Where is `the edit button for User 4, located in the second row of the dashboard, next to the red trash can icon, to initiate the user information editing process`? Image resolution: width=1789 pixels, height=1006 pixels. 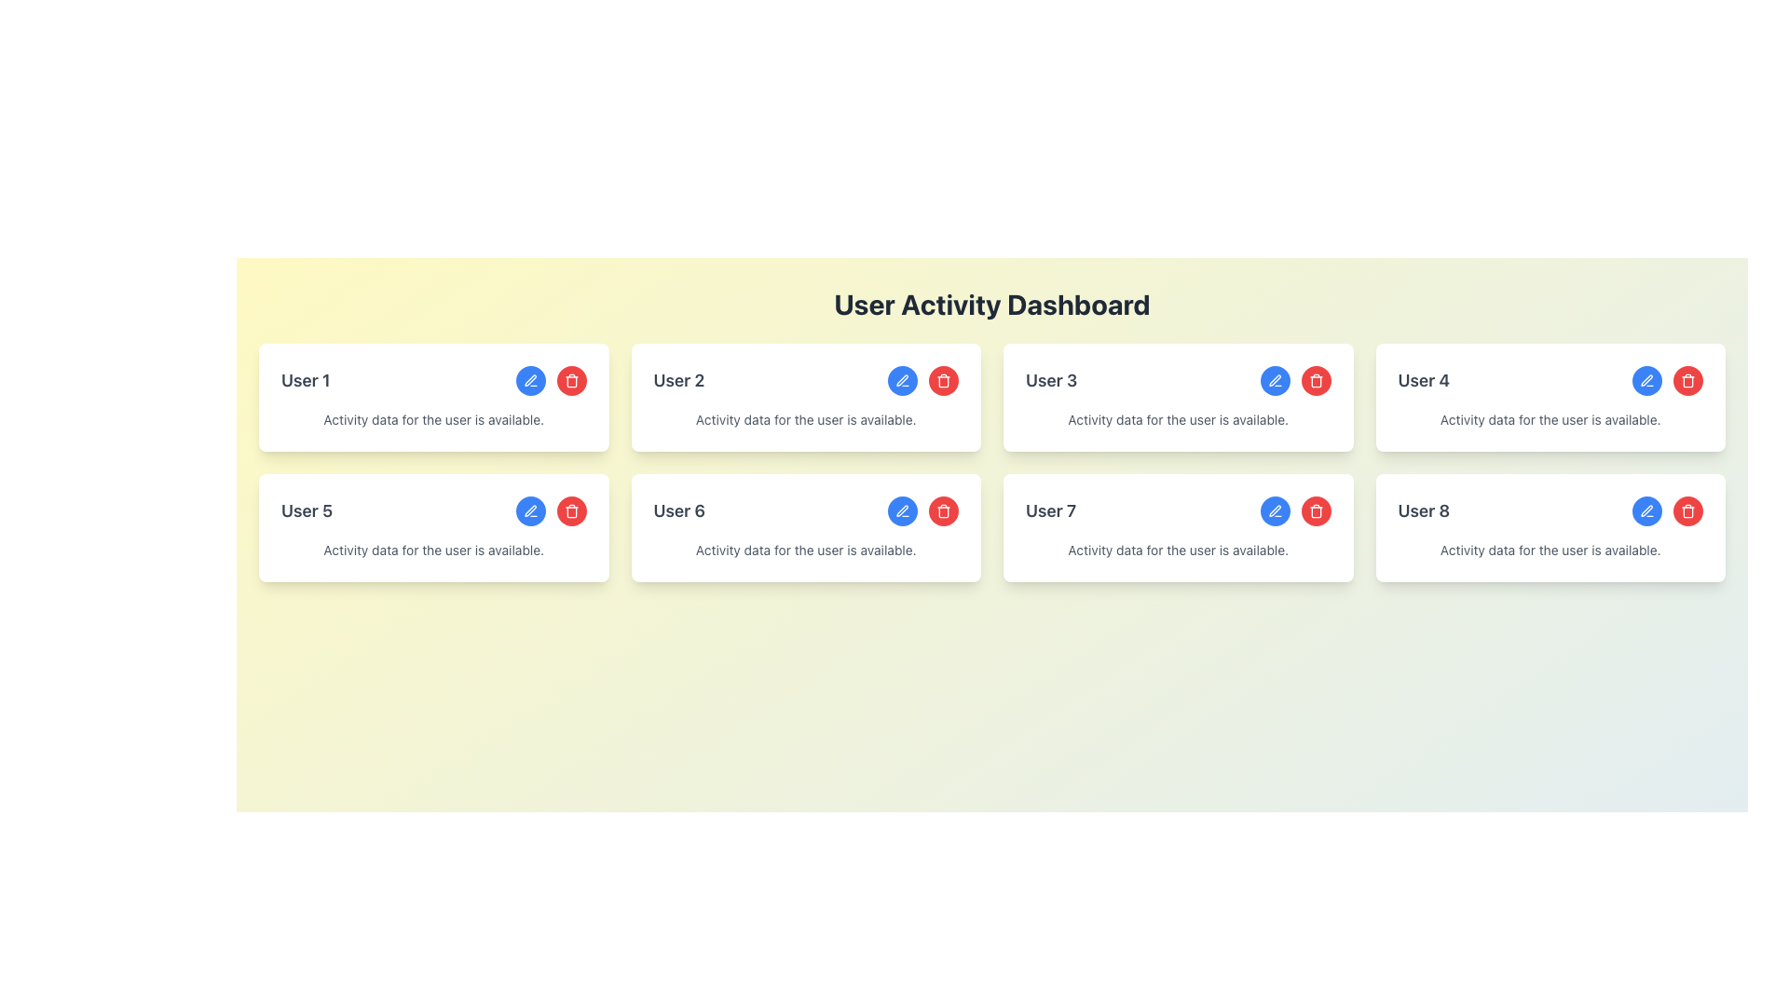 the edit button for User 4, located in the second row of the dashboard, next to the red trash can icon, to initiate the user information editing process is located at coordinates (1646, 379).